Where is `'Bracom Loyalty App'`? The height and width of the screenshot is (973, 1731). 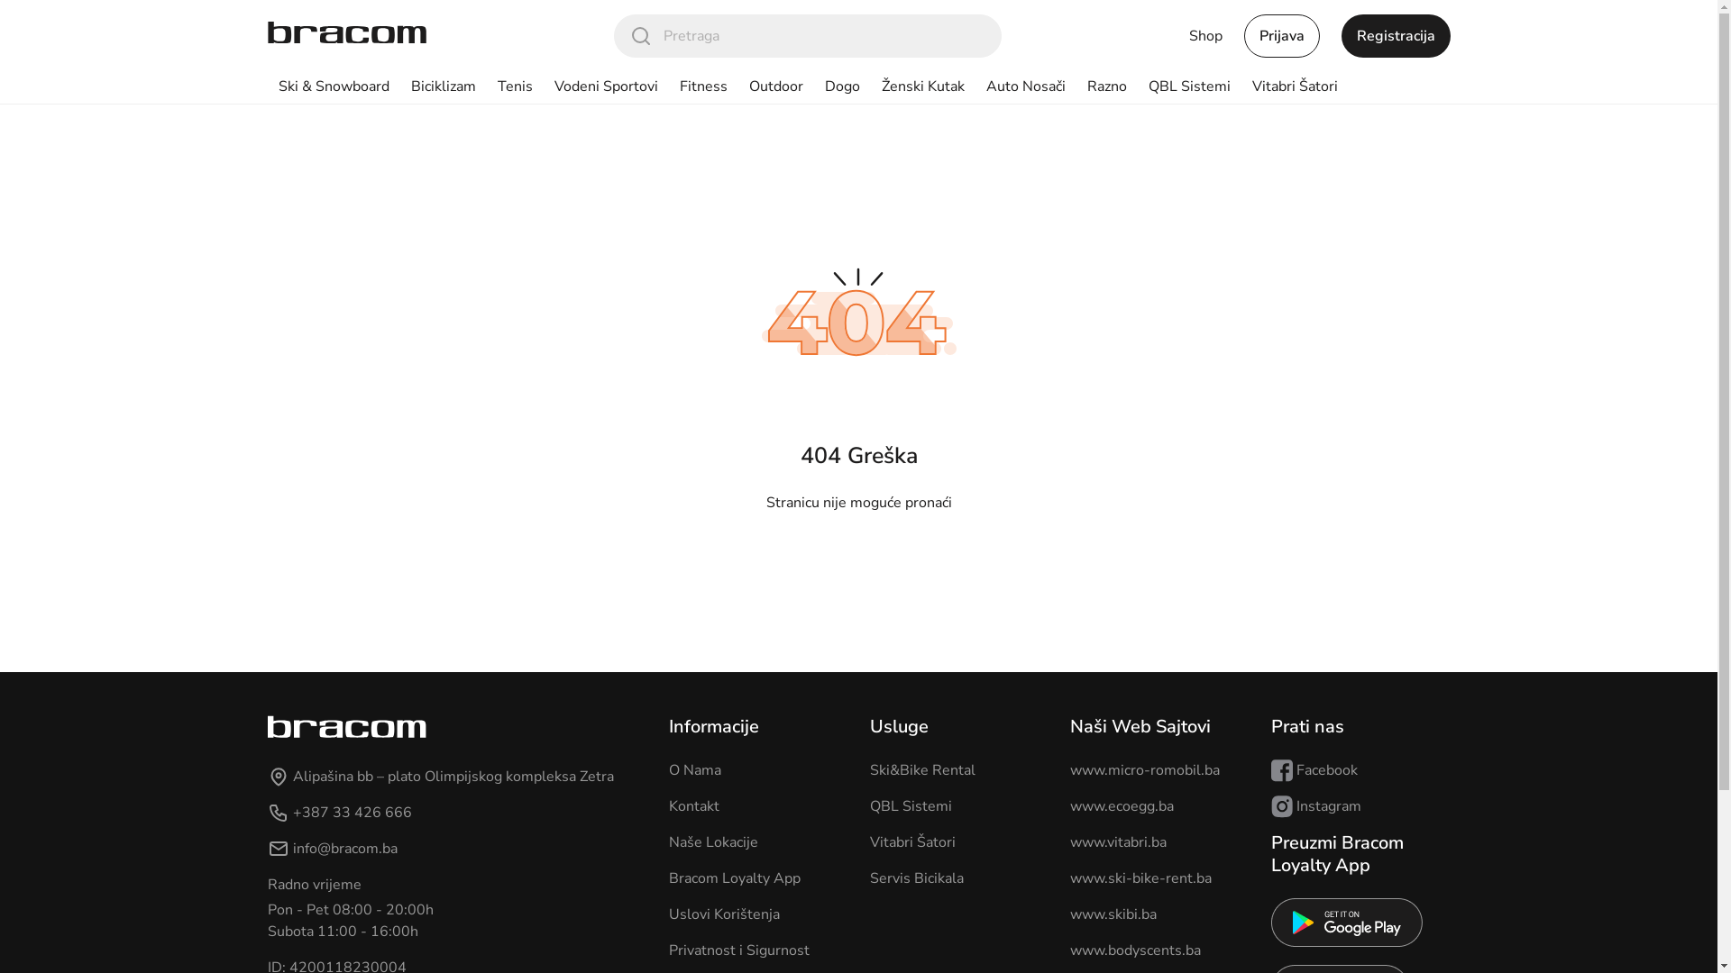
'Bracom Loyalty App' is located at coordinates (735, 878).